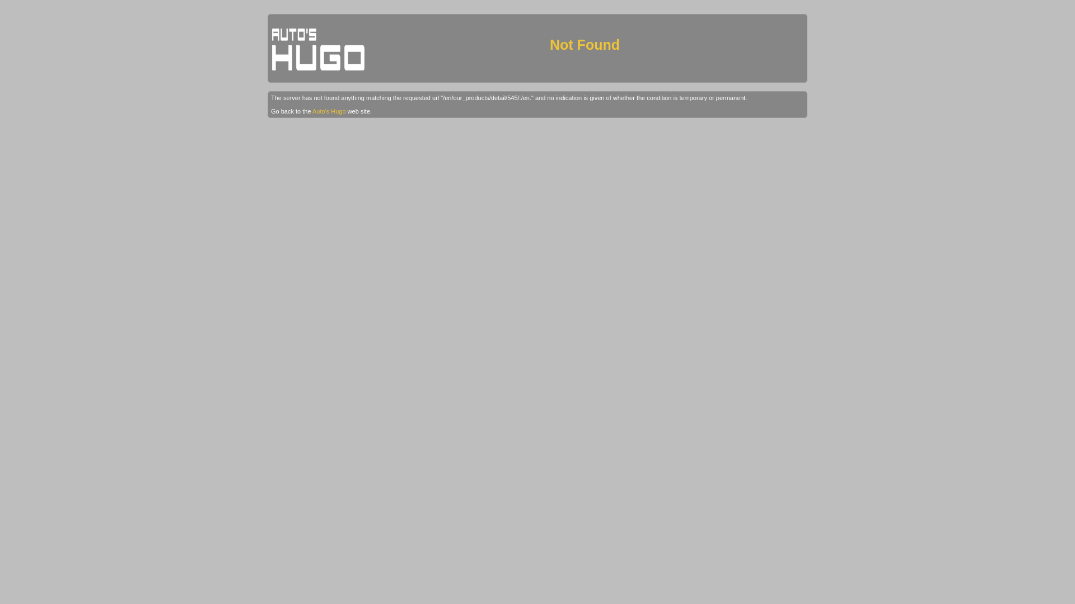 The image size is (1075, 604). Describe the element at coordinates (312, 111) in the screenshot. I see `'Auto's Hugo'` at that location.